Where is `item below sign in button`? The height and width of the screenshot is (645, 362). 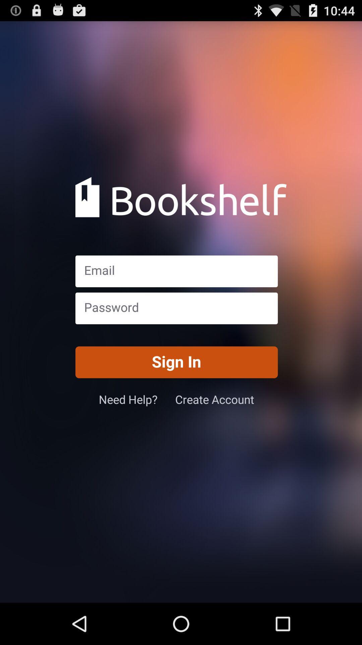 item below sign in button is located at coordinates (136, 399).